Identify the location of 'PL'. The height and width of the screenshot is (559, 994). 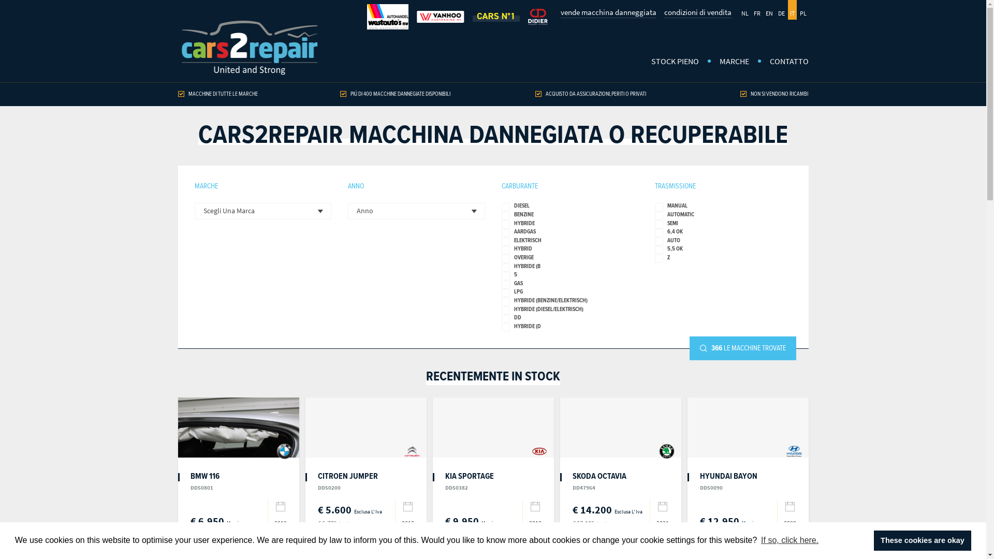
(797, 10).